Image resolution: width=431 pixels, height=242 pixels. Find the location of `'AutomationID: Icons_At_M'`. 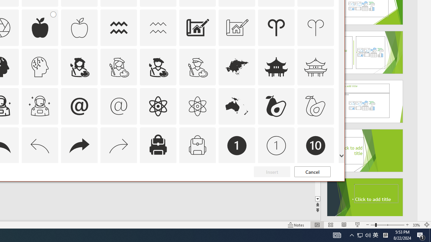

'AutomationID: Icons_At_M' is located at coordinates (119, 106).